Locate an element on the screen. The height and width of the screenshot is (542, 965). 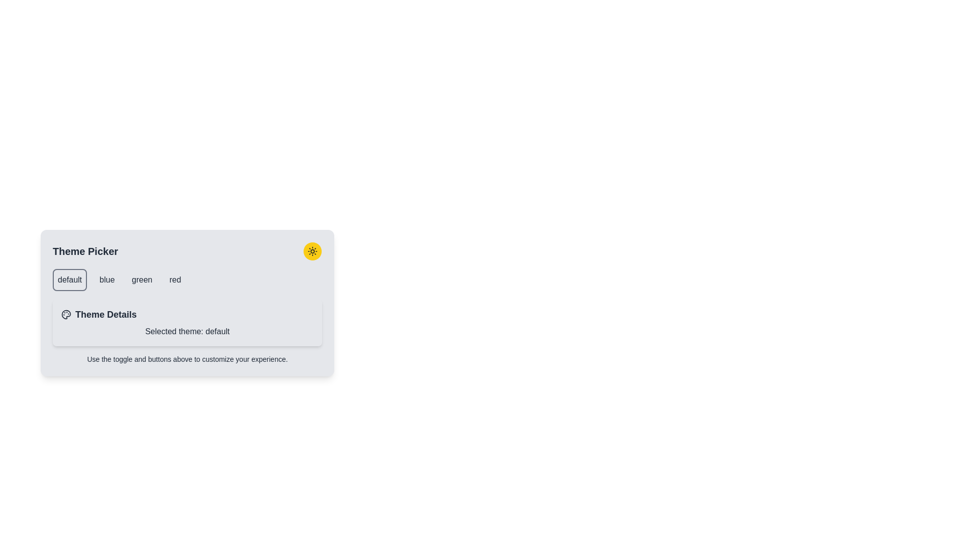
the 'blue' button, which is the second button from the left in the 'Theme Picker' card is located at coordinates (107, 280).